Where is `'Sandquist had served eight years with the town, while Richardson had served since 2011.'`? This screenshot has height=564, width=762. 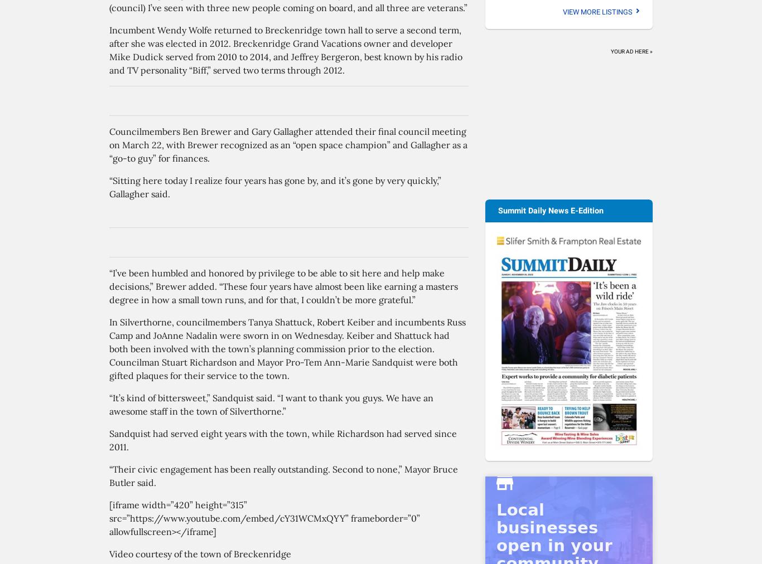 'Sandquist had served eight years with the town, while Richardson had served since 2011.' is located at coordinates (283, 439).